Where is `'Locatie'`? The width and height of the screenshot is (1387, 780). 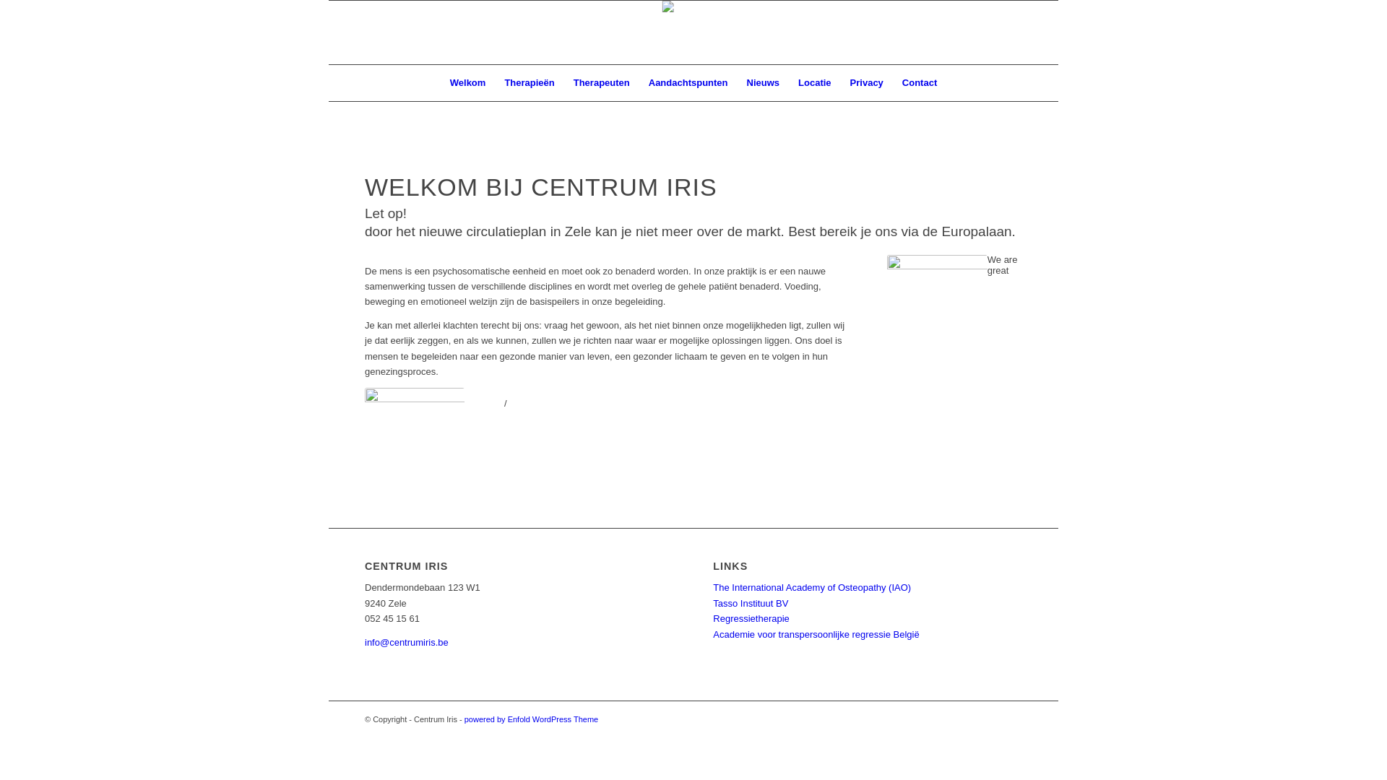 'Locatie' is located at coordinates (815, 83).